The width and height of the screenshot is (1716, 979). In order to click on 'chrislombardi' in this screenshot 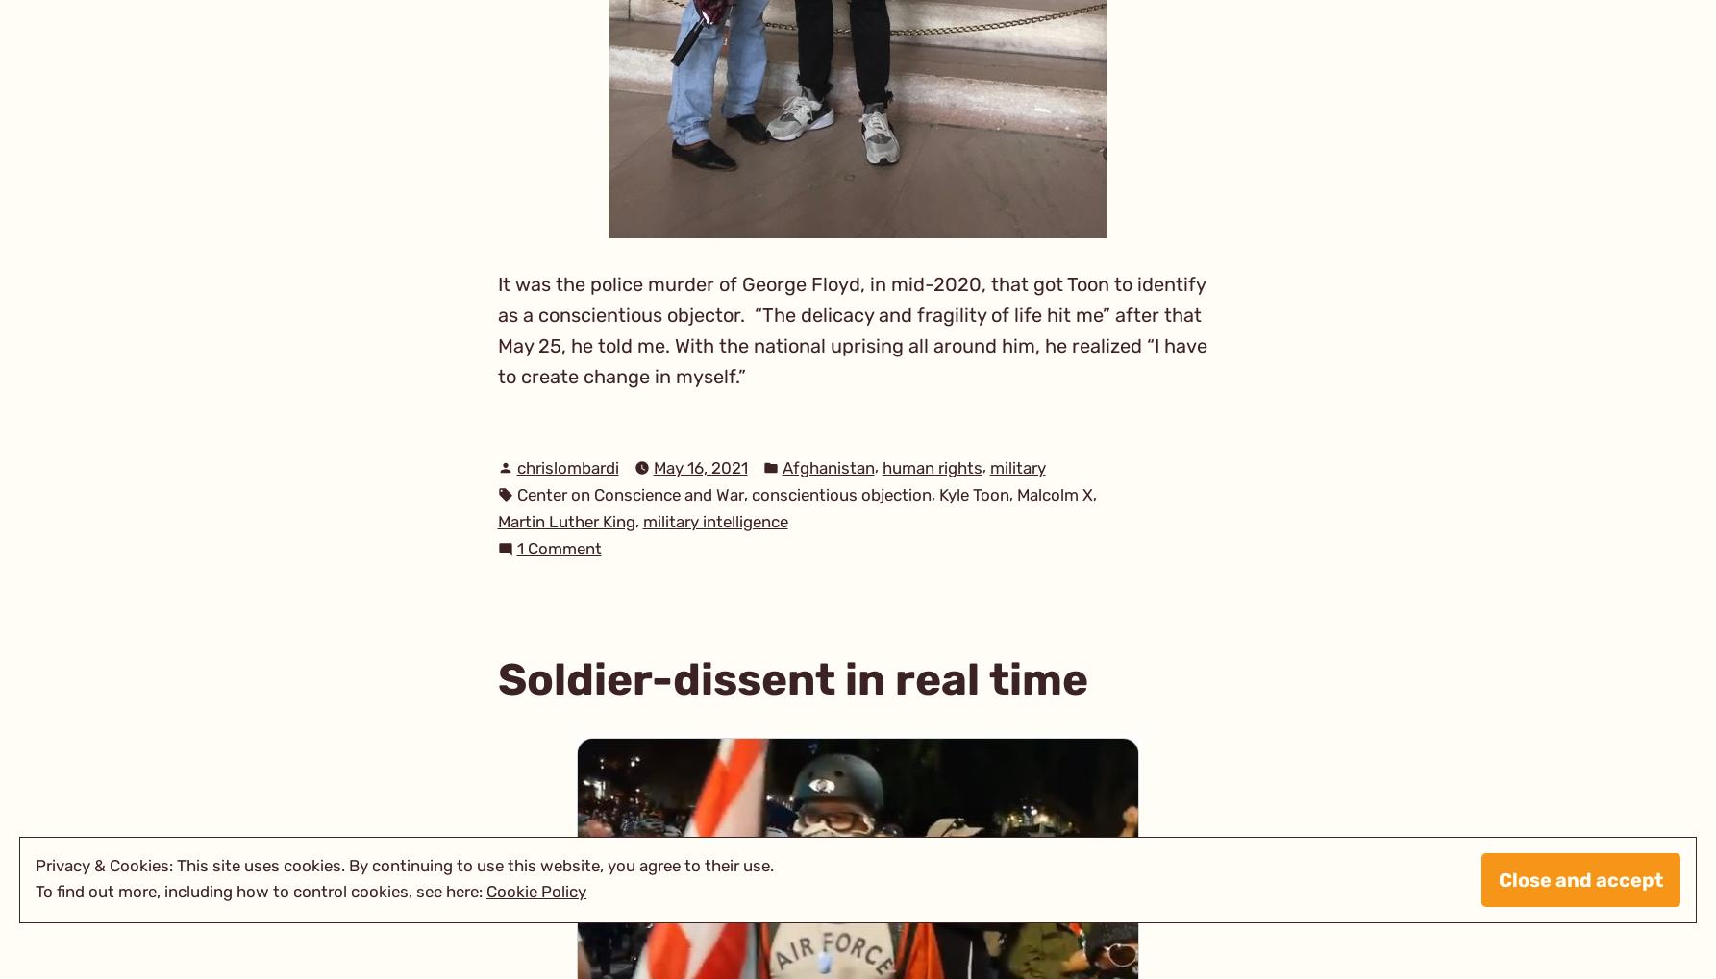, I will do `click(566, 465)`.